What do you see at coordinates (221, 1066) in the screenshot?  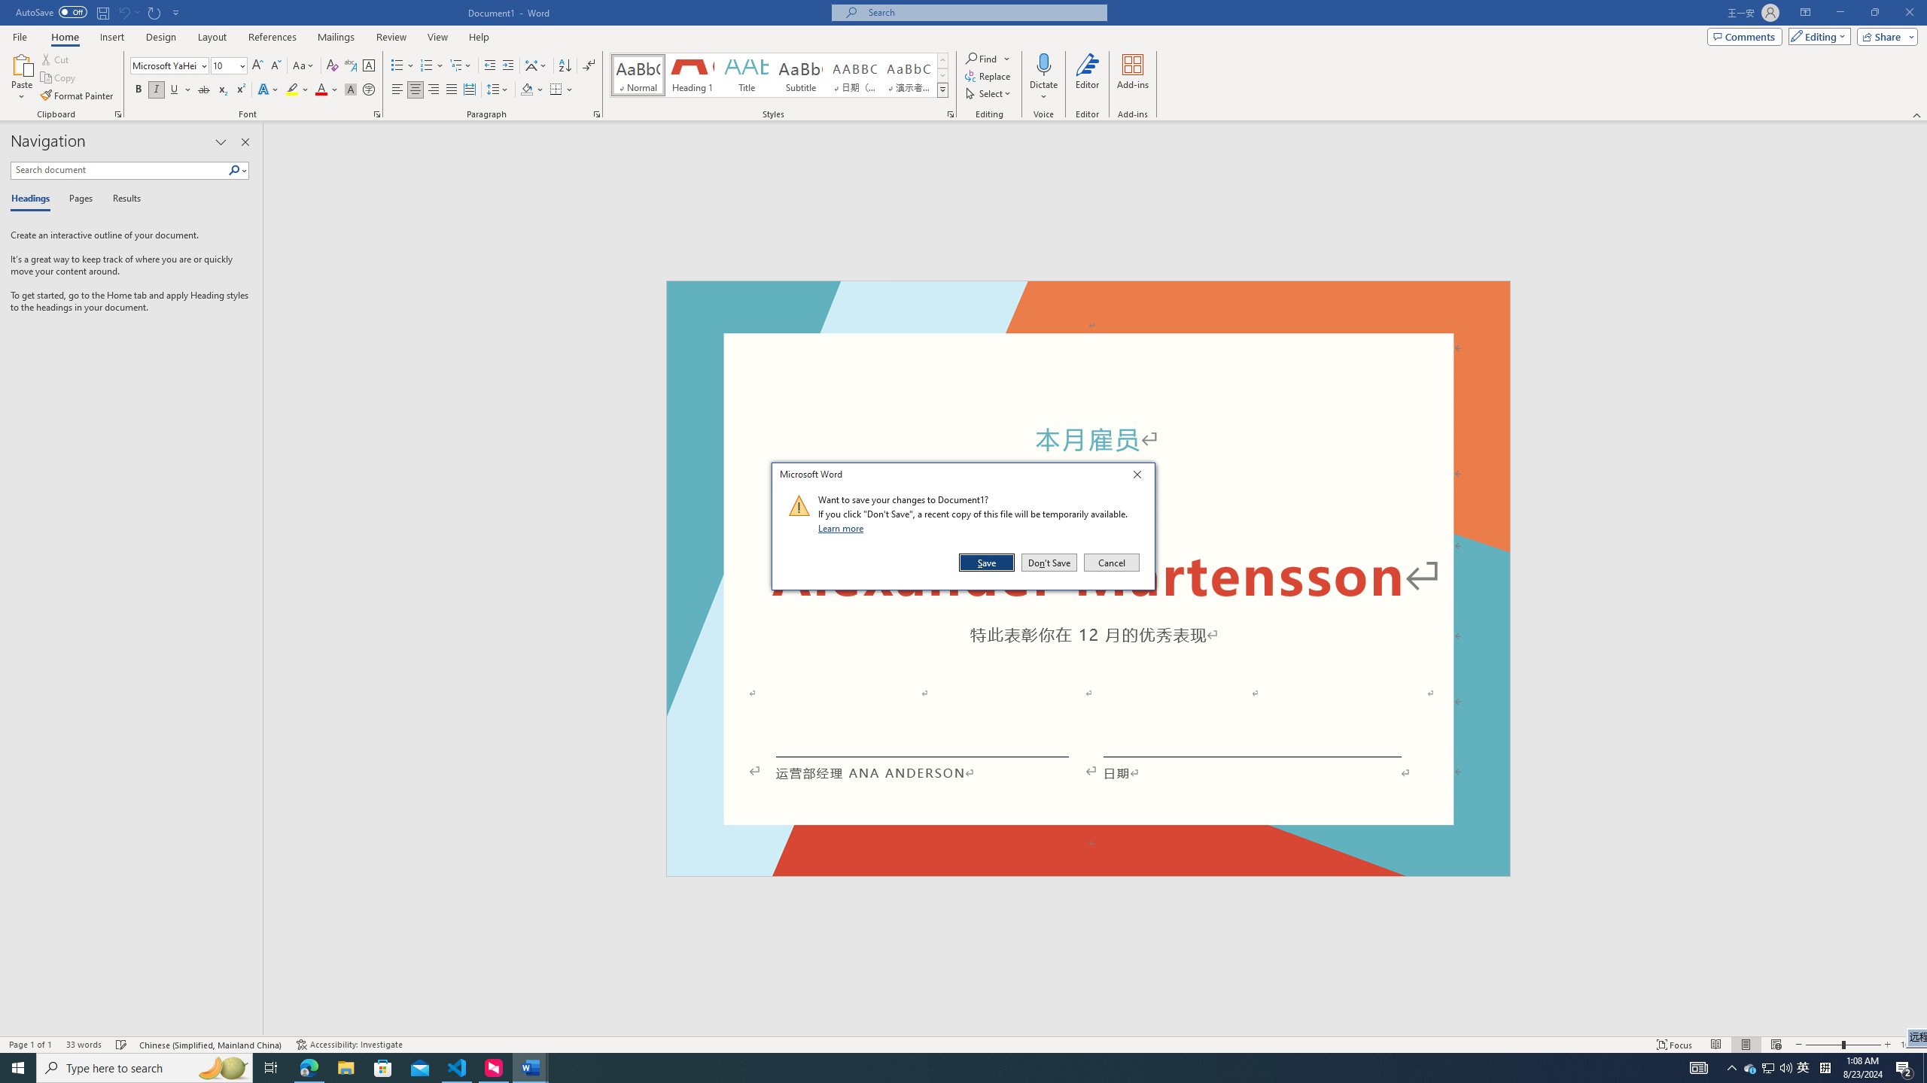 I see `'Search highlights icon opens search home window'` at bounding box center [221, 1066].